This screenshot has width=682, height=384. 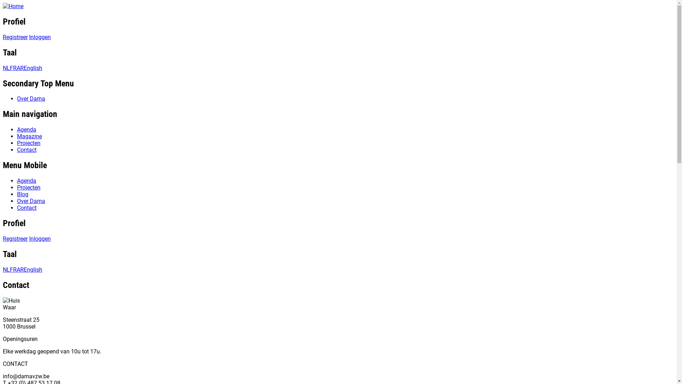 I want to click on 'AR', so click(x=17, y=68).